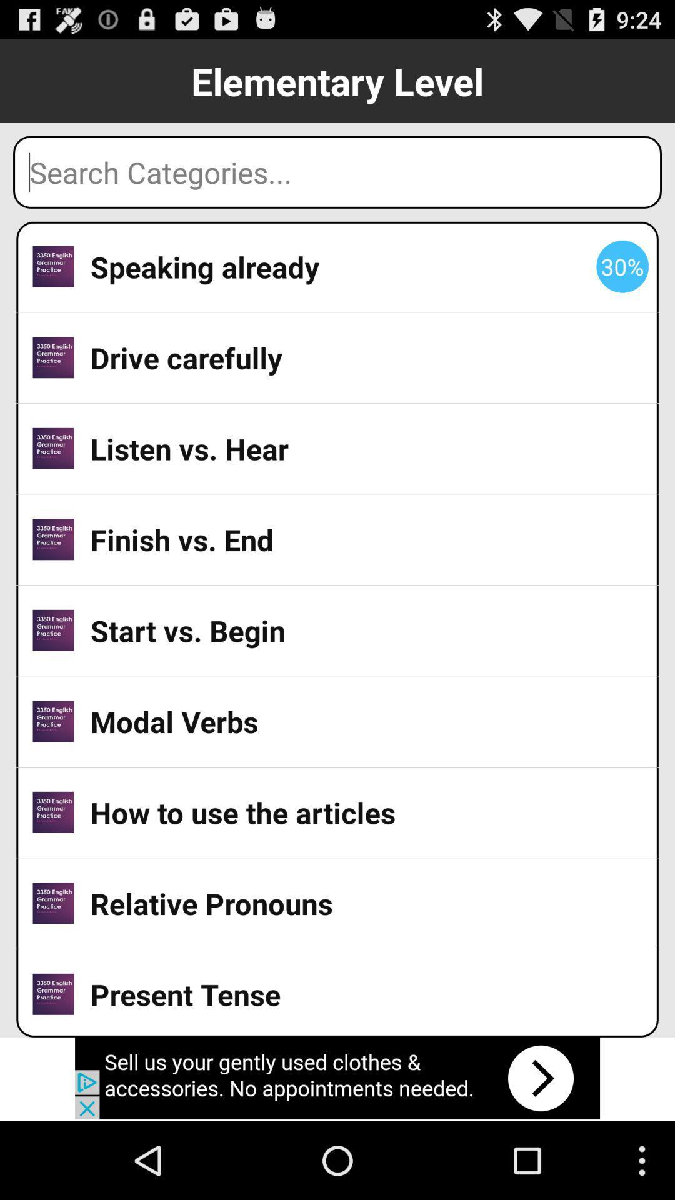 The image size is (675, 1200). I want to click on search, so click(337, 171).